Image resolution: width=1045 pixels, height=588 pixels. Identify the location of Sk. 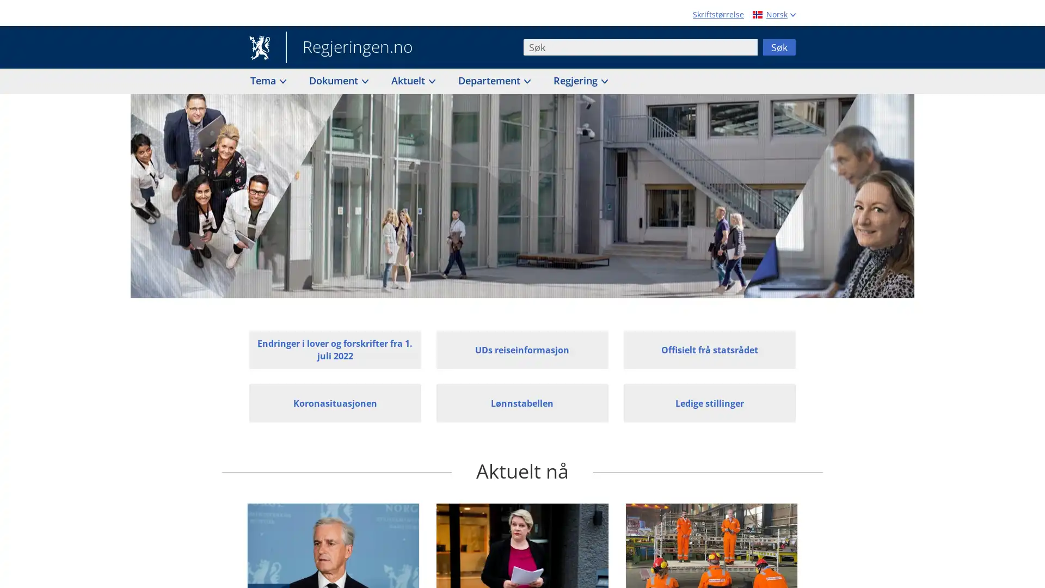
(778, 46).